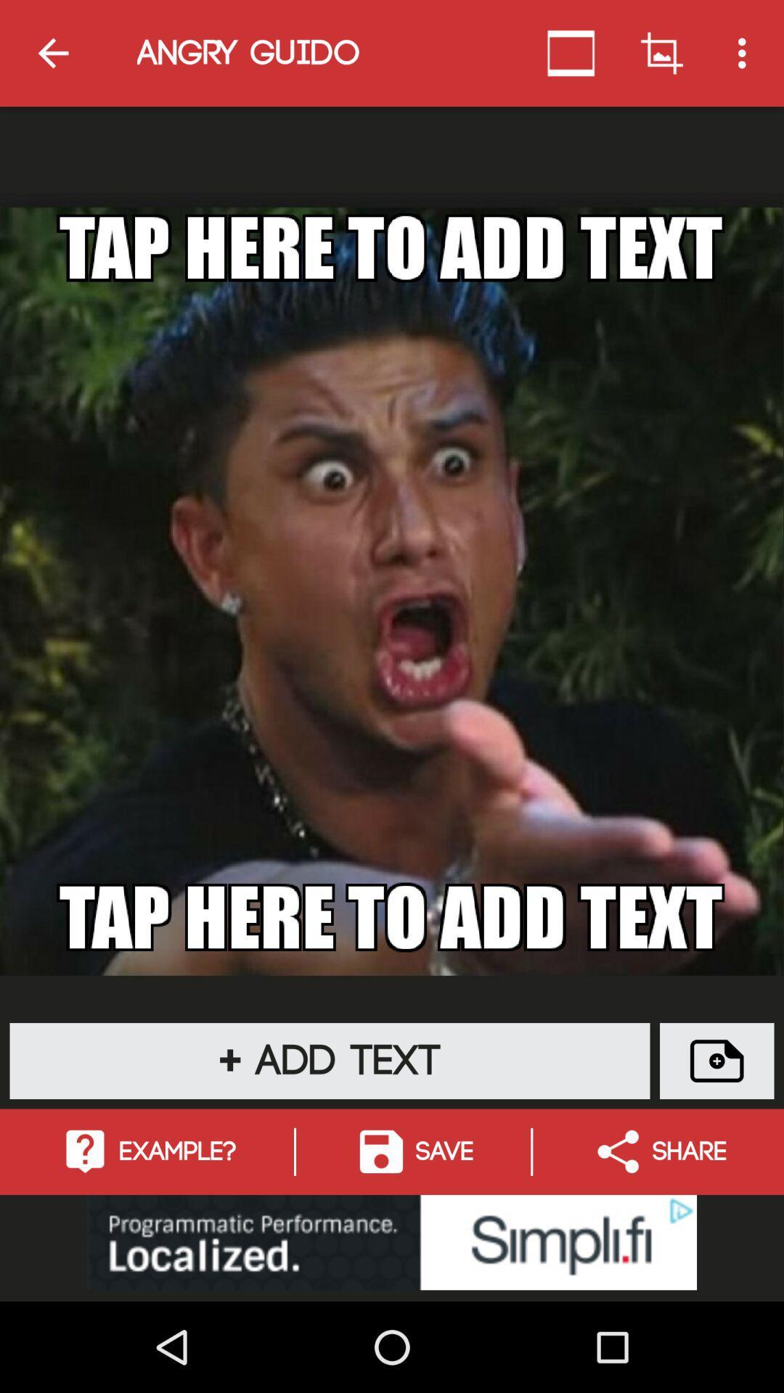 The width and height of the screenshot is (784, 1393). Describe the element at coordinates (392, 1241) in the screenshot. I see `advertisements button` at that location.